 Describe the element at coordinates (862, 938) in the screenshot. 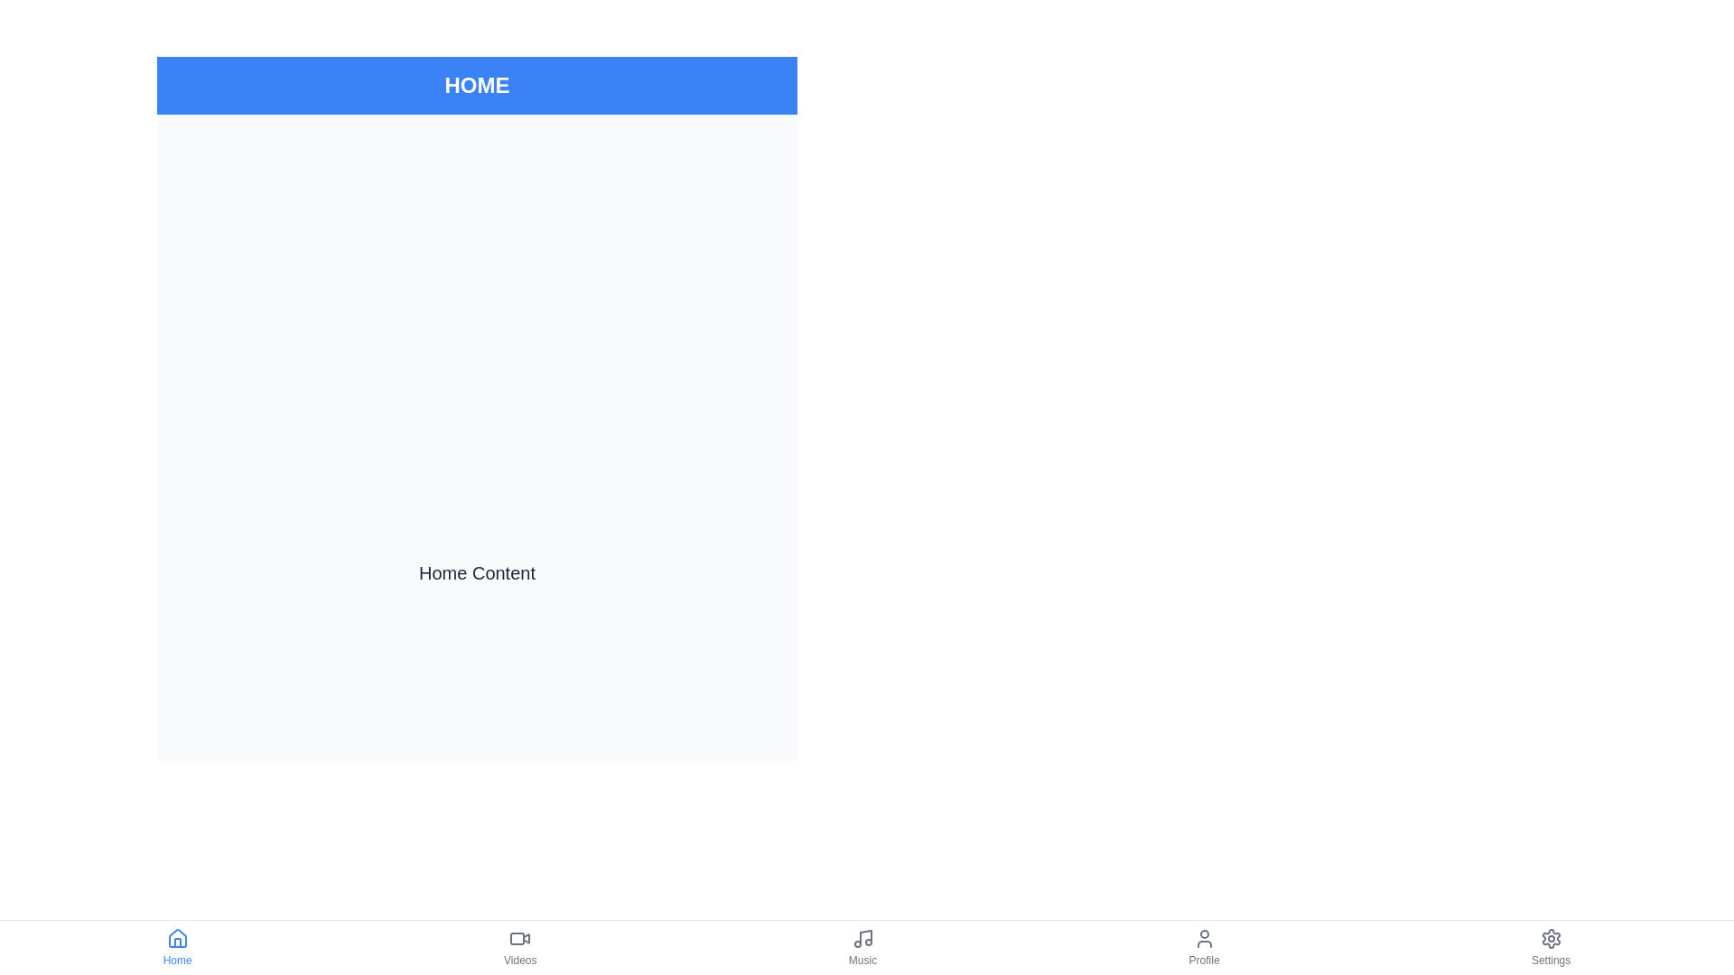

I see `the 'Music' icon in the bottom navigation bar` at that location.